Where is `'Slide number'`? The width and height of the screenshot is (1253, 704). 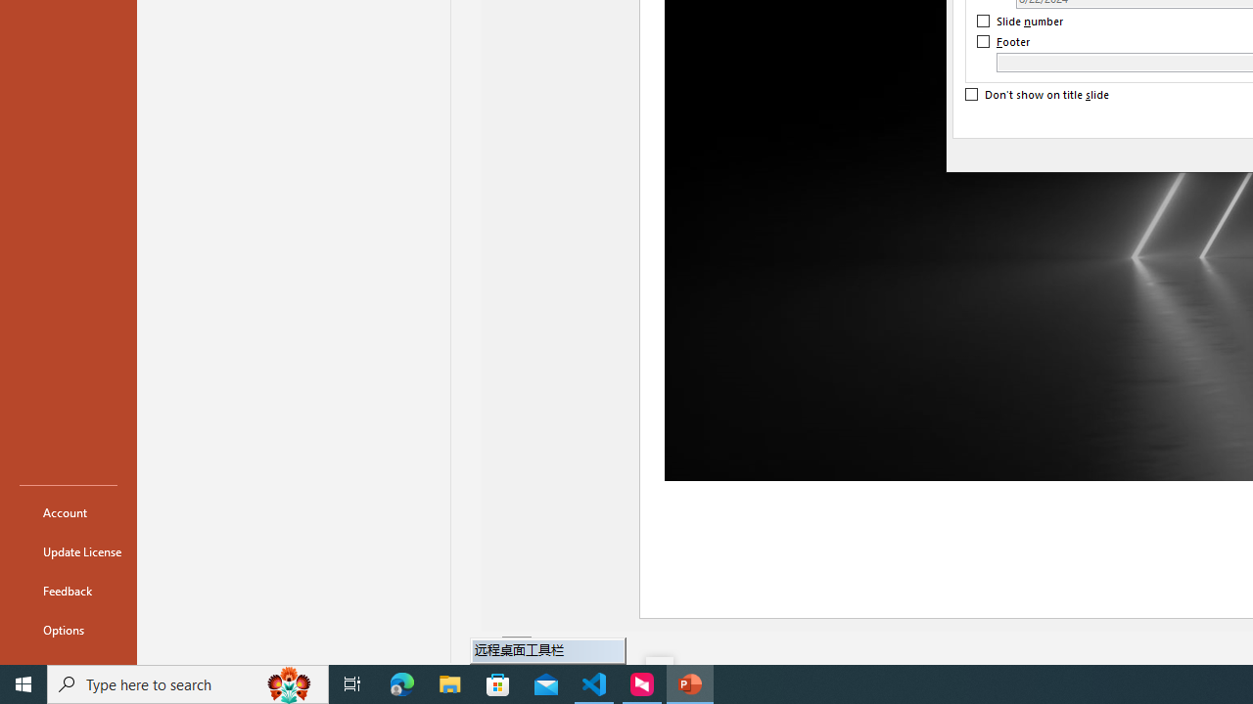
'Slide number' is located at coordinates (1020, 21).